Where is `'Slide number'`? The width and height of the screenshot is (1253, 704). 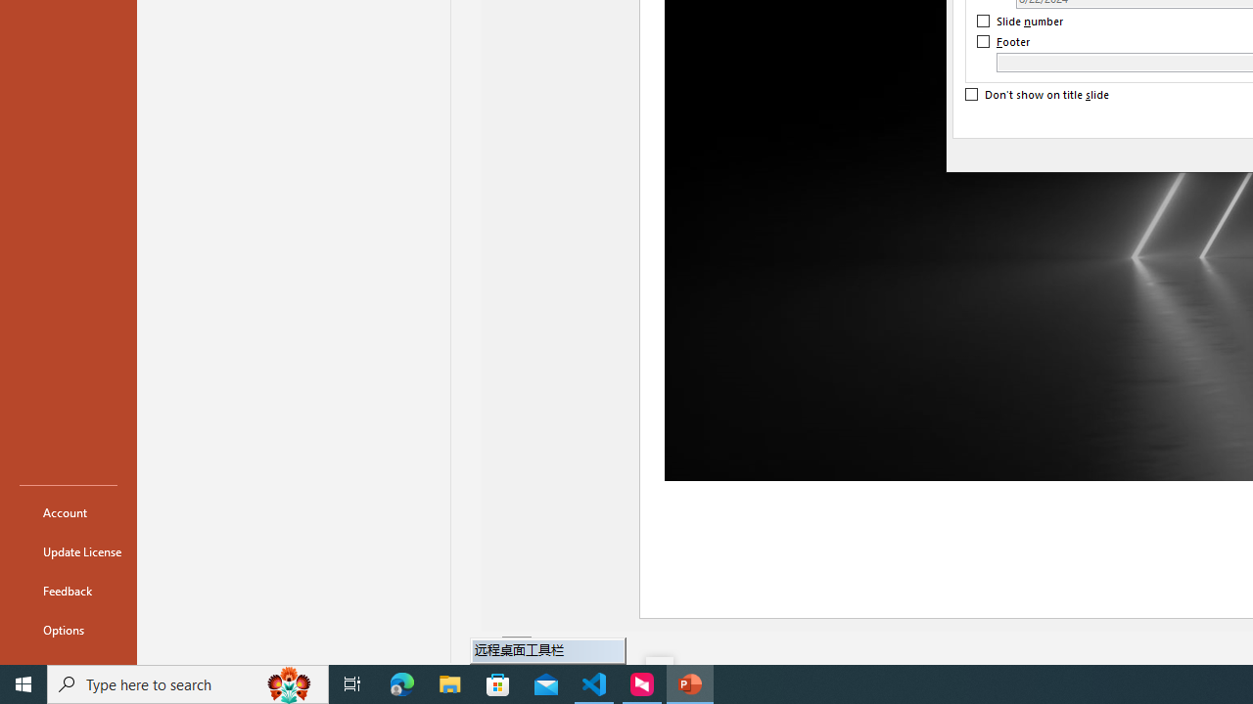
'Slide number' is located at coordinates (1020, 21).